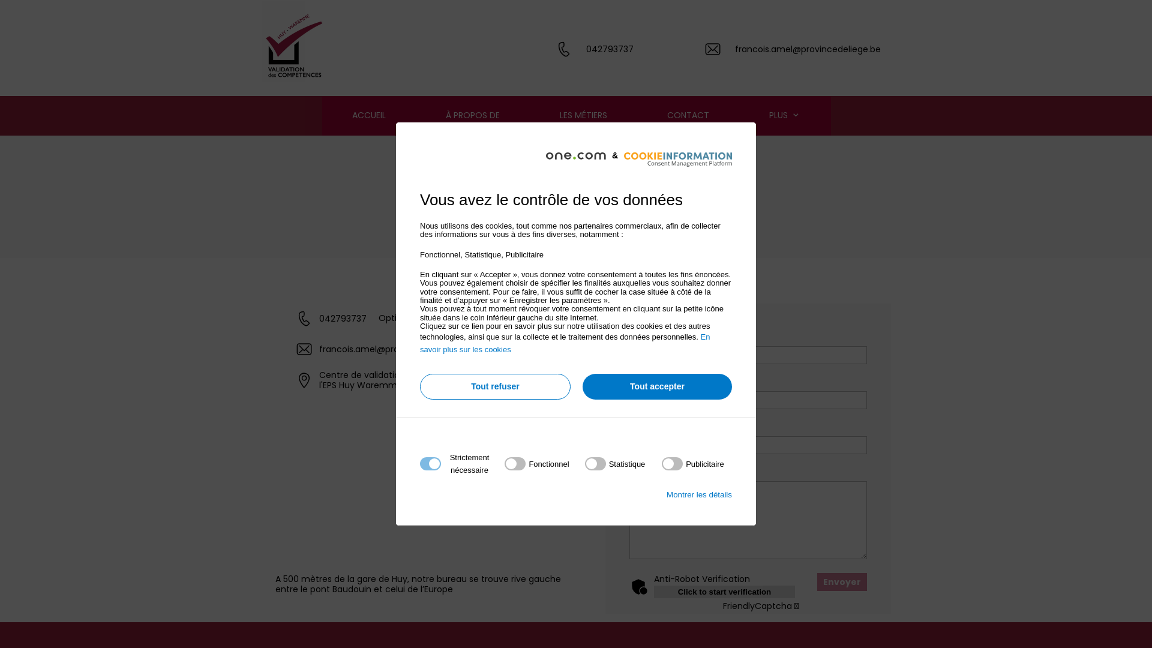 The image size is (1152, 648). I want to click on 'Click to start verification', so click(724, 591).